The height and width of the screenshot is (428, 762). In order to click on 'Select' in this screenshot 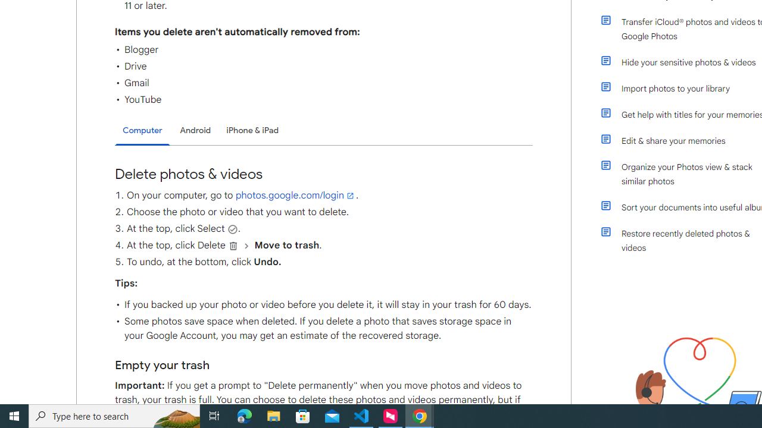, I will do `click(232, 229)`.